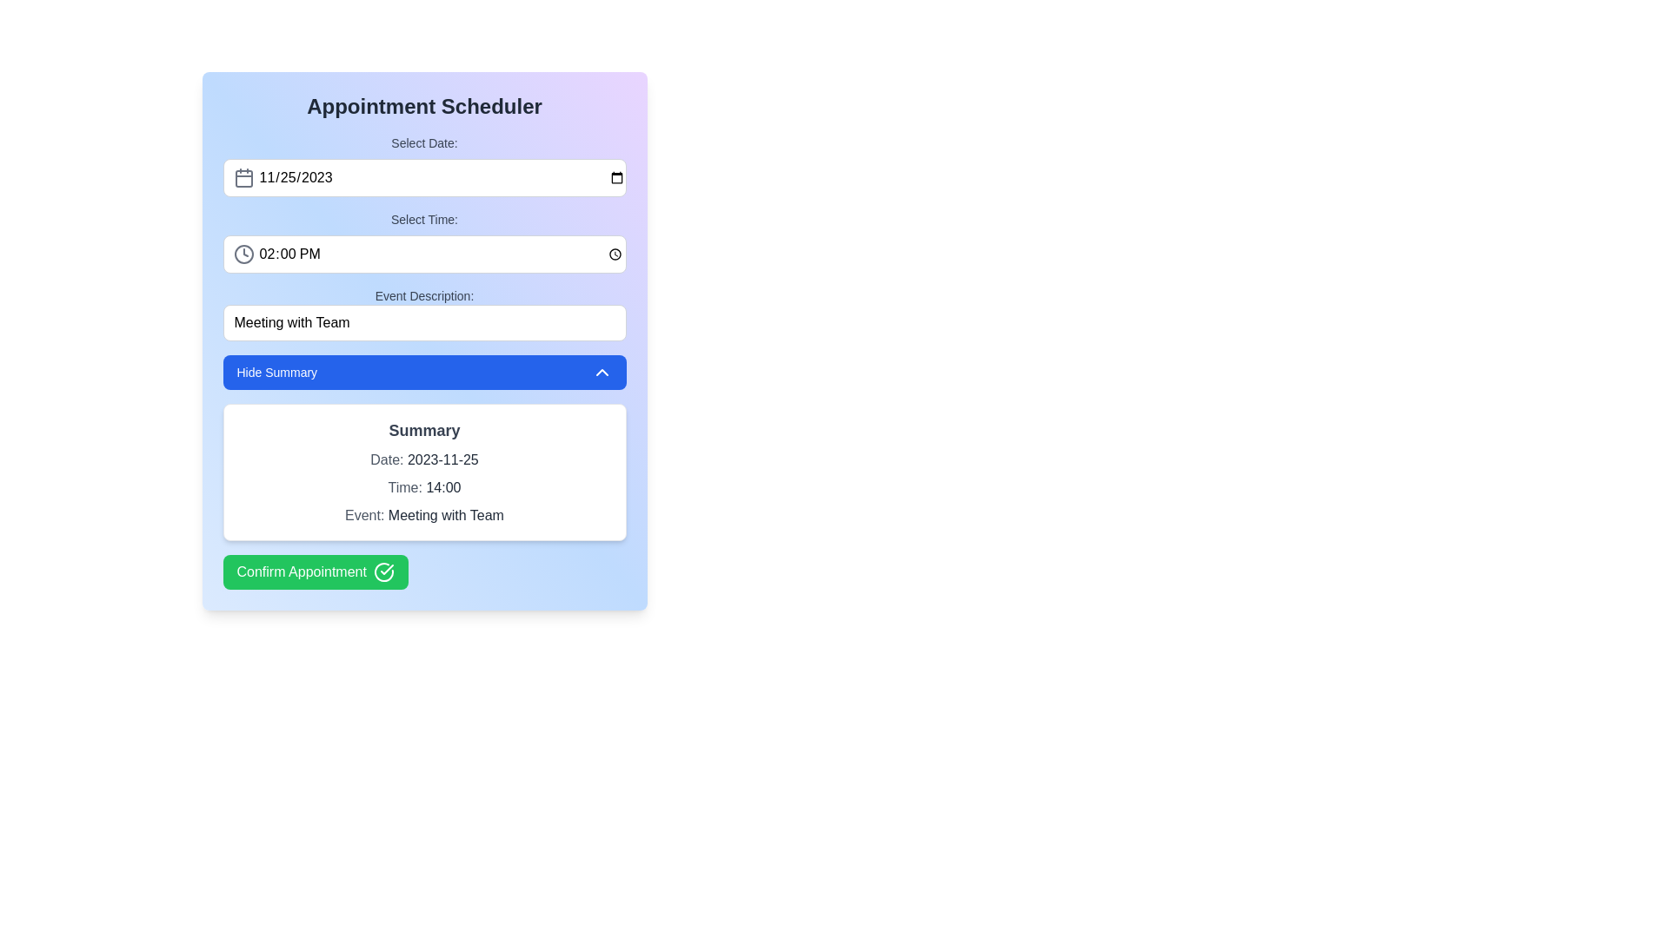  Describe the element at coordinates (424, 430) in the screenshot. I see `the Text label that serves as a header for the summary section, located directly above the 'Date: 2023-11-25' text segment` at that location.